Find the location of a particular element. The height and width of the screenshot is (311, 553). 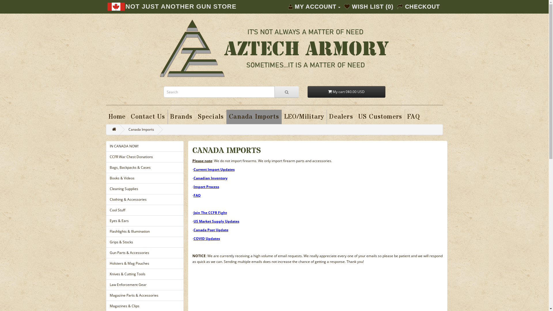

'US Market Supply Updates' is located at coordinates (216, 221).